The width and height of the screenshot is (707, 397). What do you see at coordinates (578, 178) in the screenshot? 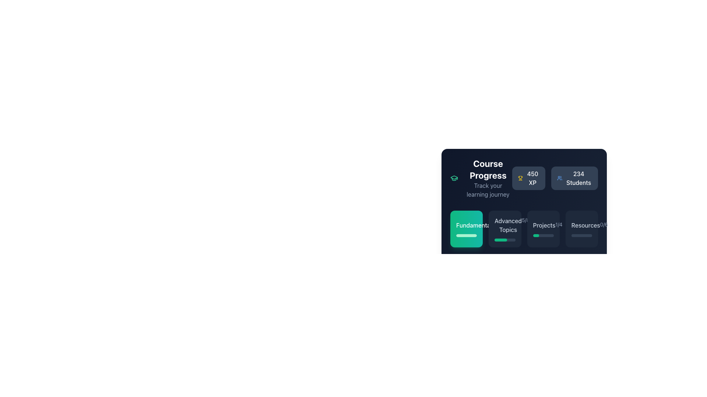
I see `text from the Text Label indicating the metric of students enrolled, which is located towards the top-right of the interface within a rounded rectangle with a slate-gray background` at bounding box center [578, 178].